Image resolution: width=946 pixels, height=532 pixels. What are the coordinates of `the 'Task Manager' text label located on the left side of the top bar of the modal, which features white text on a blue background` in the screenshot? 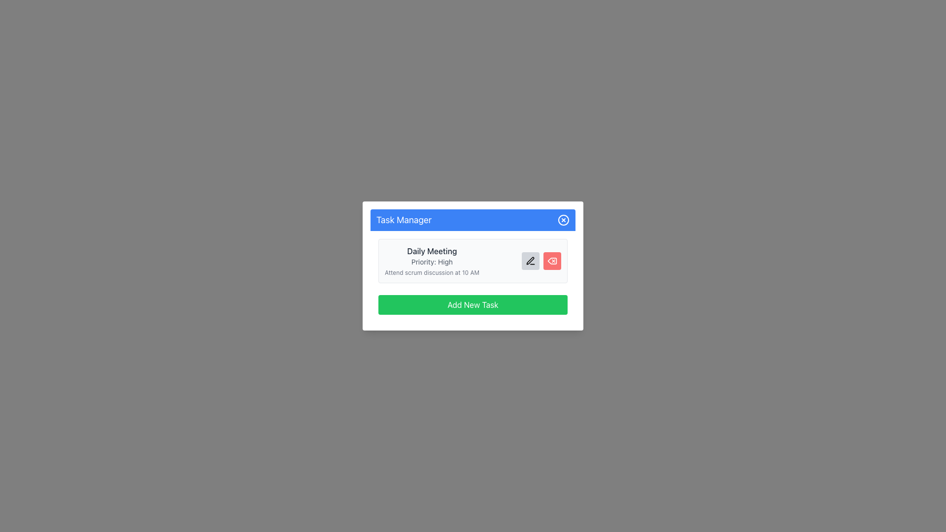 It's located at (404, 220).